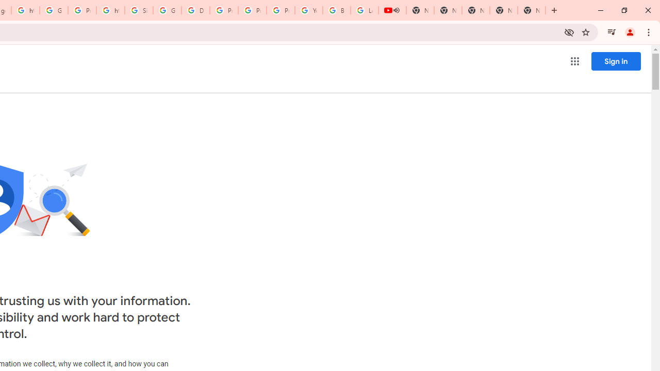  I want to click on 'Mute tab', so click(396, 10).